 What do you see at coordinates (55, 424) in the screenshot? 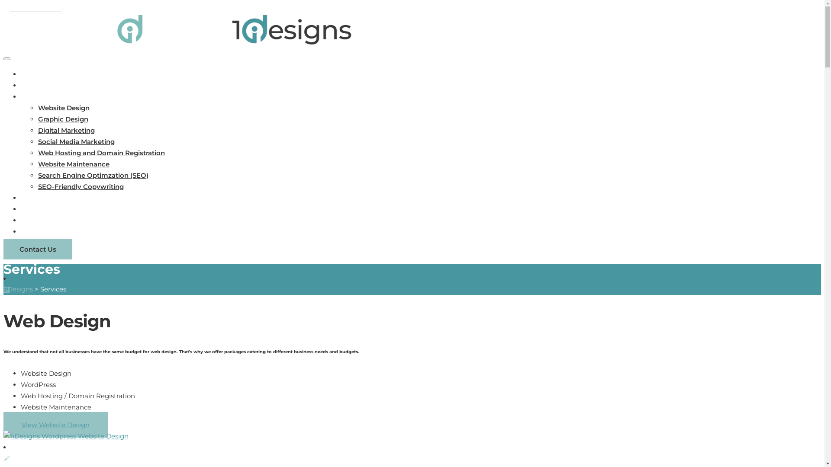
I see `'View Website Design'` at bounding box center [55, 424].